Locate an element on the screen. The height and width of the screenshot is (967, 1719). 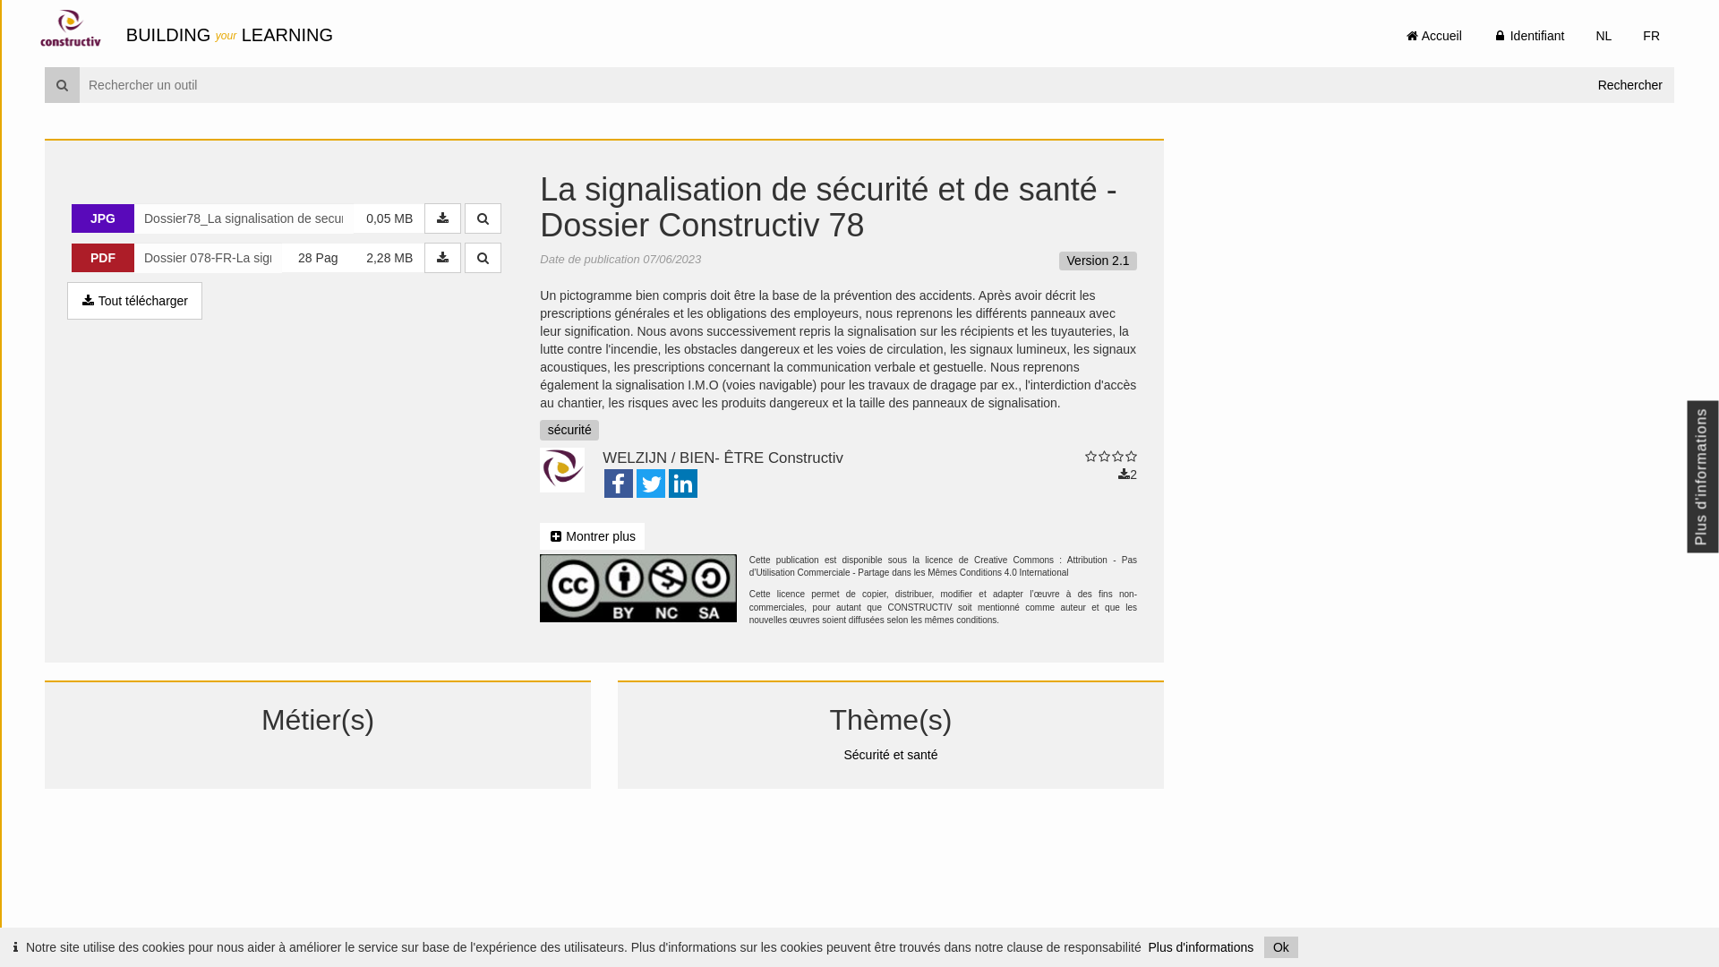
'JPG' is located at coordinates (102, 217).